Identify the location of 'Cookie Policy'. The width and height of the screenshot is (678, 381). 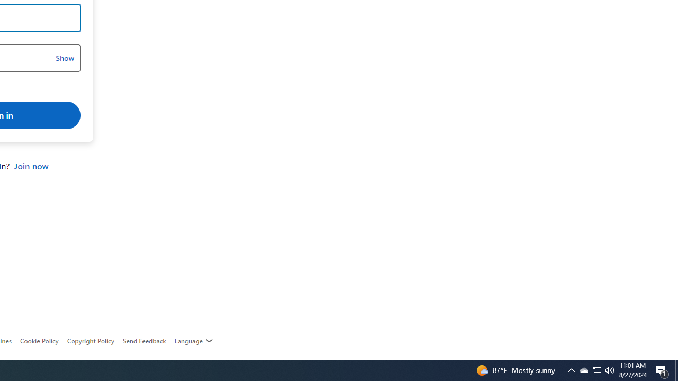
(39, 341).